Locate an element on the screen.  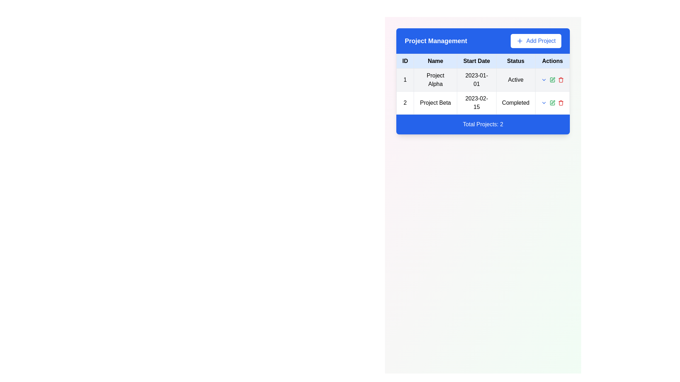
the text label that serves as the title or header for the project management section, located on the left side of the header with the 'Add Project' button to the right is located at coordinates (436, 41).